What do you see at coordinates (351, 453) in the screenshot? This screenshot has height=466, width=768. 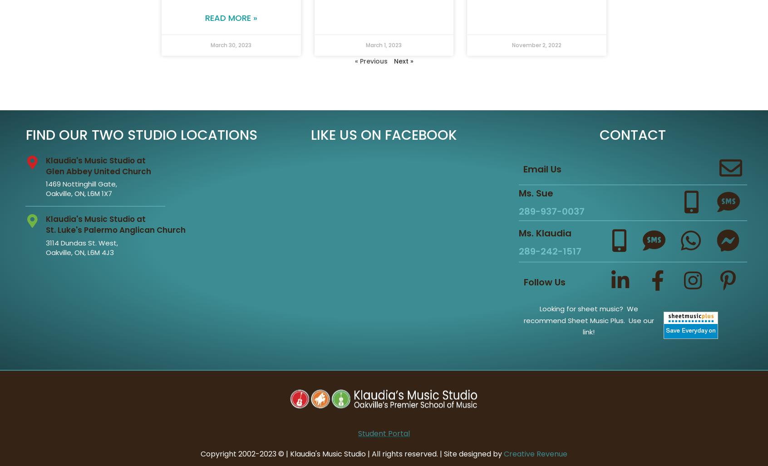 I see `'Copyright 2002-2023 © | Klaudia's Music Studio | All rights reserved. | Site designed by'` at bounding box center [351, 453].